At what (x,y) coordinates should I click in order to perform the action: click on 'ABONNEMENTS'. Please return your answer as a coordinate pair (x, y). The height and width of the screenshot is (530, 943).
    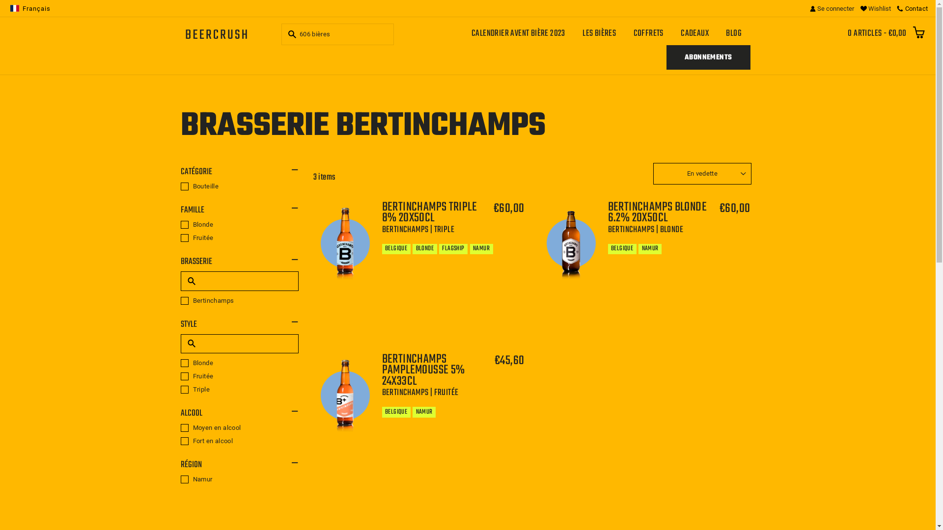
    Looking at the image, I should click on (708, 57).